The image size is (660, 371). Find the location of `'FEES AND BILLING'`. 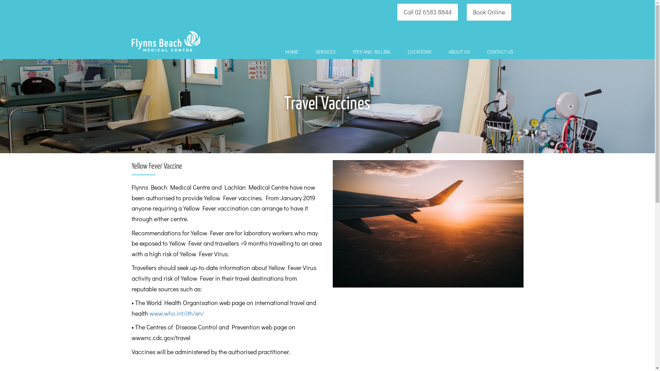

'FEES AND BILLING' is located at coordinates (346, 52).